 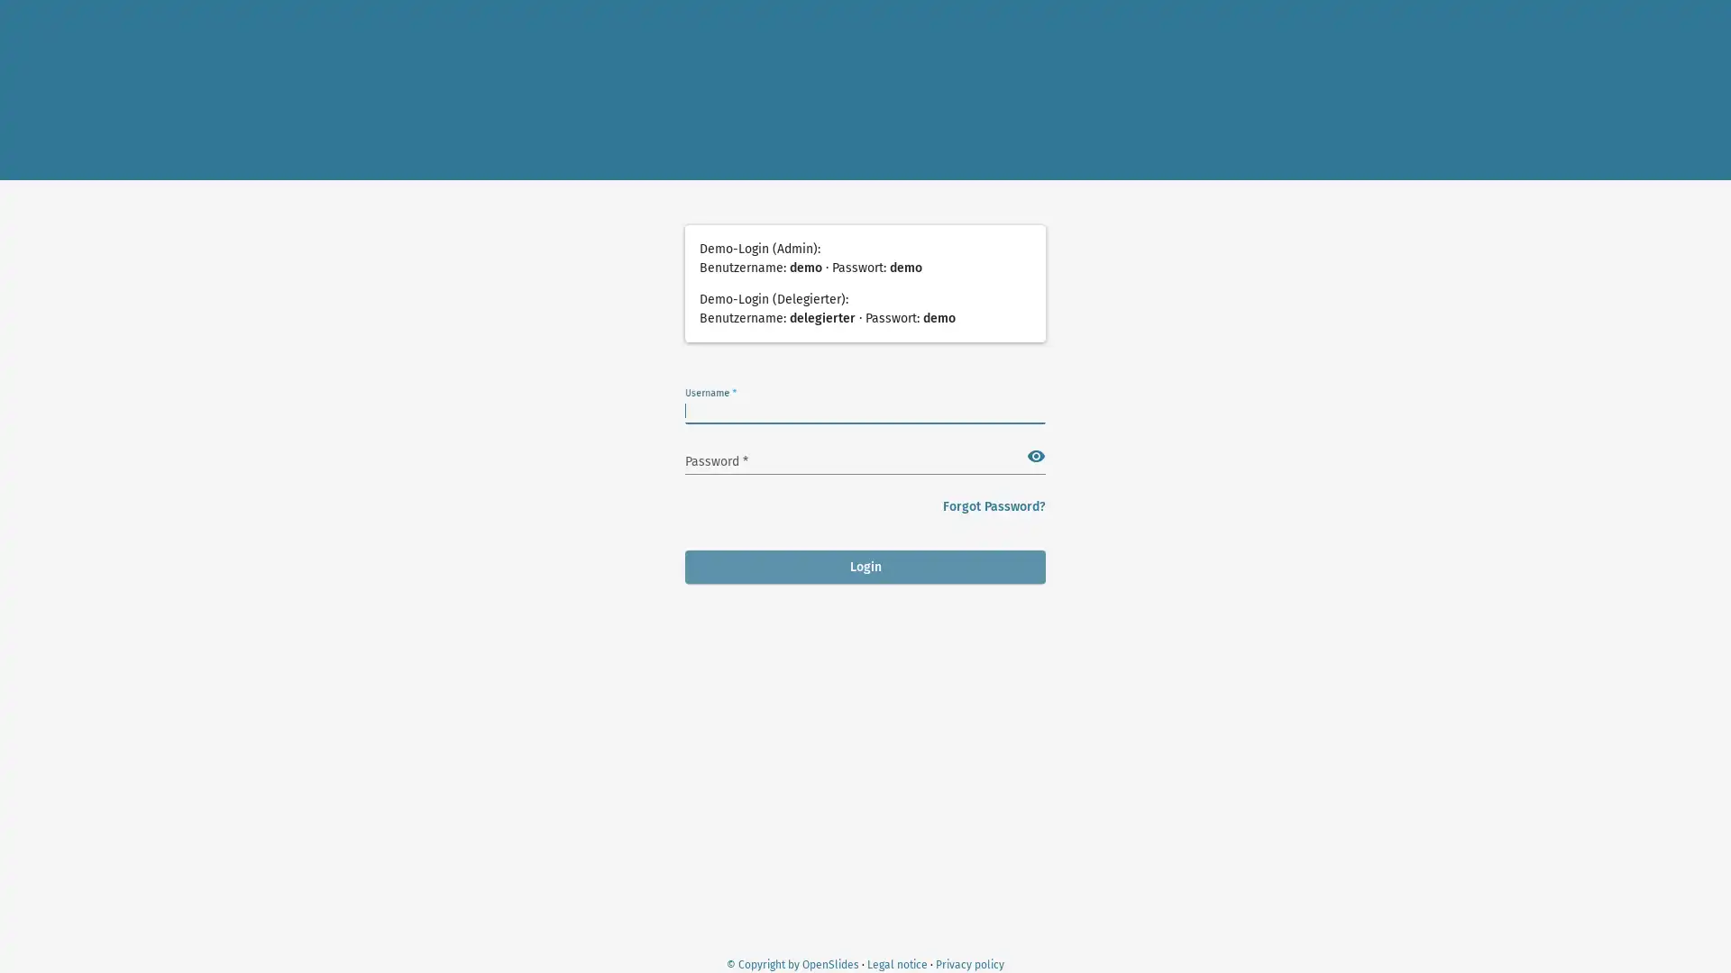 What do you see at coordinates (994, 506) in the screenshot?
I see `Forgot Password?` at bounding box center [994, 506].